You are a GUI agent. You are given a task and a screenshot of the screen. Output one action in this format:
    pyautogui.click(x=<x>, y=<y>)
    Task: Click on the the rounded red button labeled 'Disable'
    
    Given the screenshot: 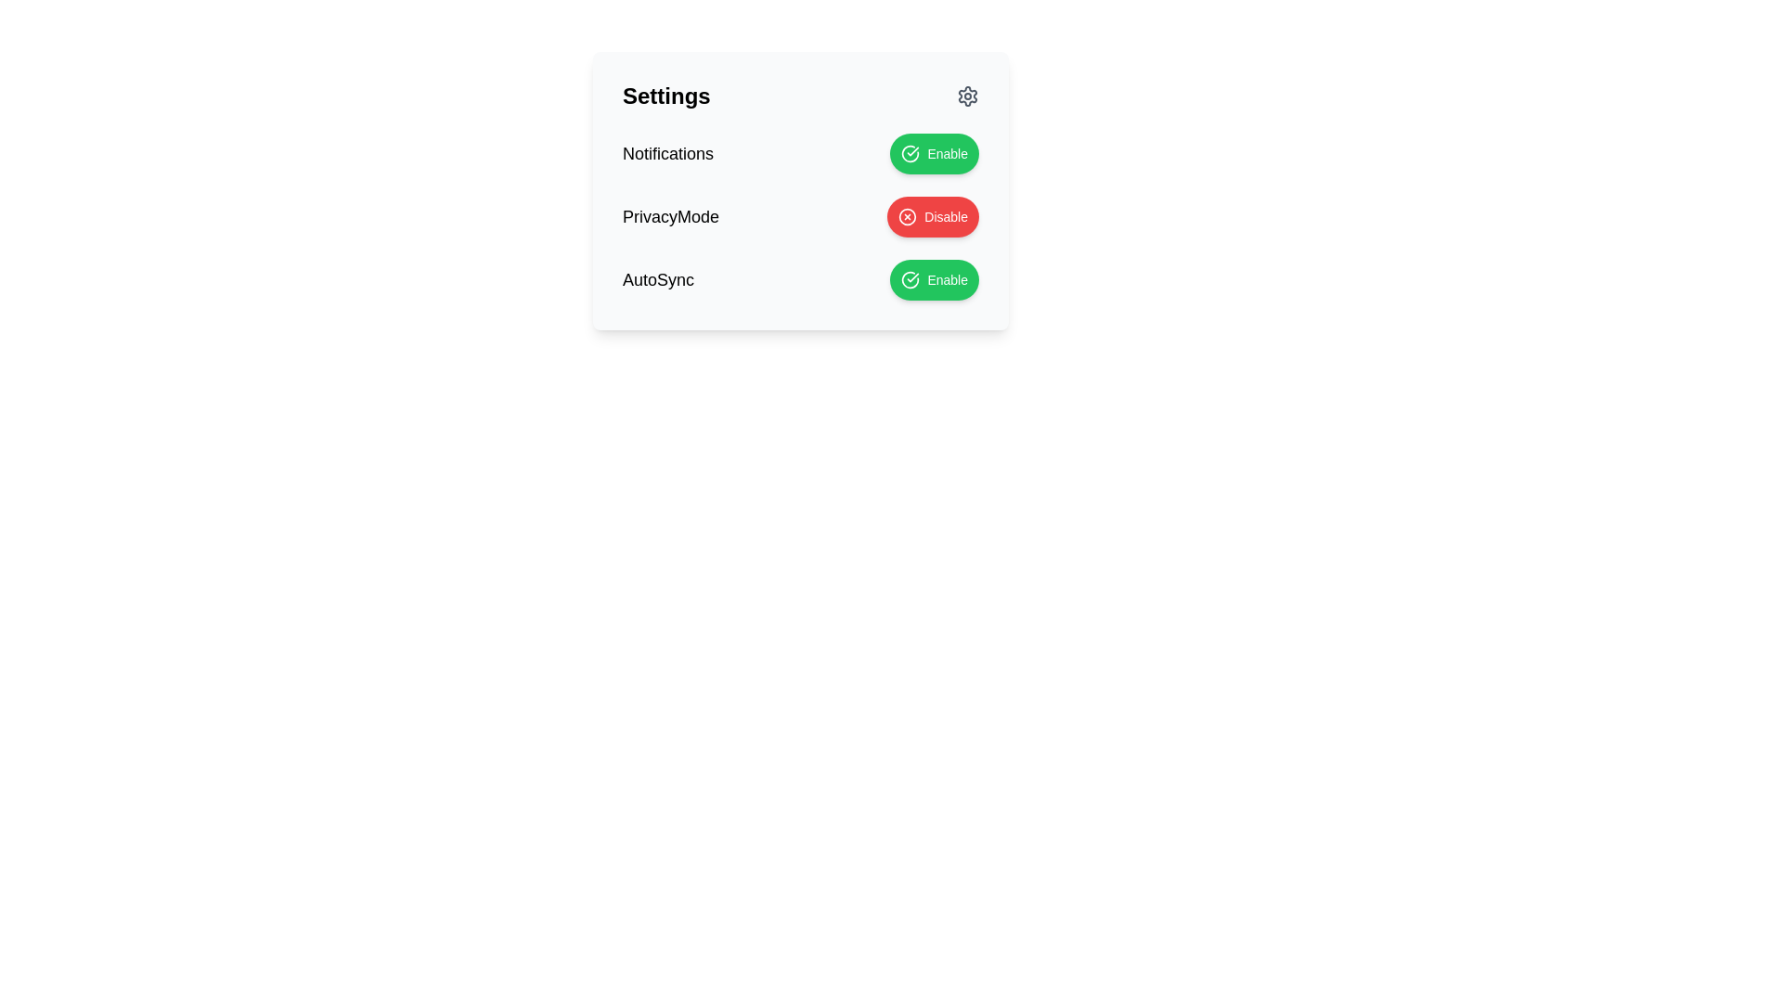 What is the action you would take?
    pyautogui.click(x=933, y=216)
    